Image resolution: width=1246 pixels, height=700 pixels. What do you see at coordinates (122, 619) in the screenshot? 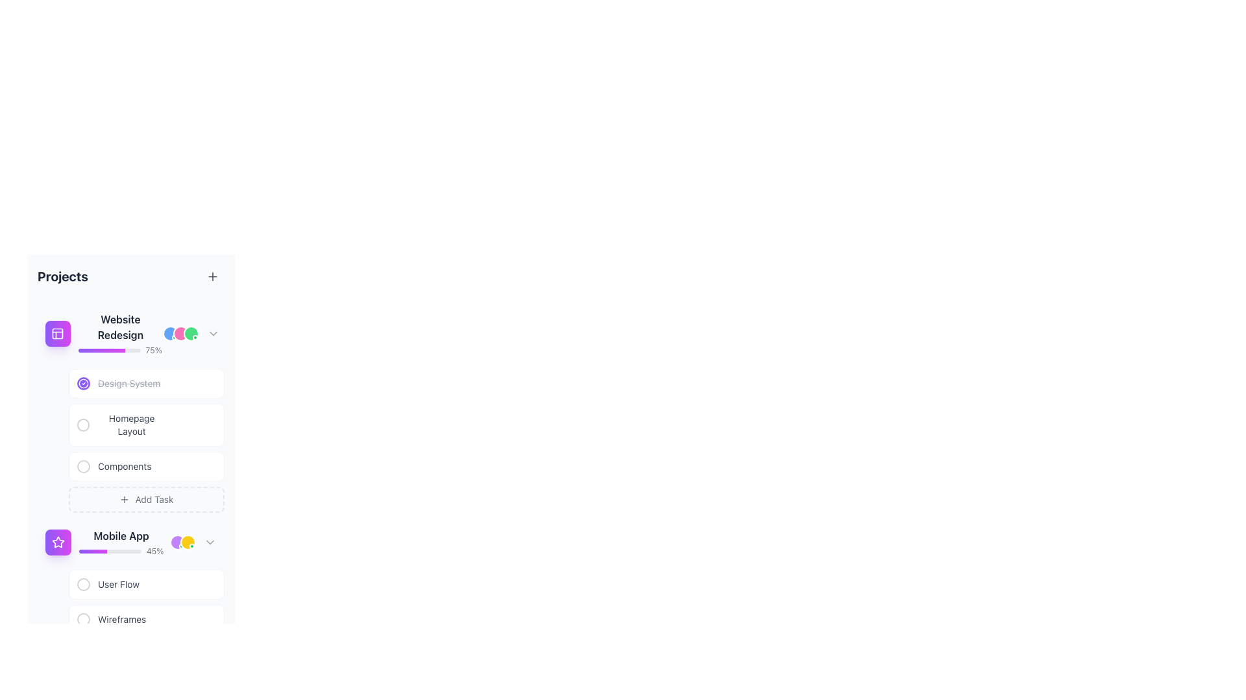
I see `the static text label displaying 'Wireframes' in gray color, which is positioned in the 'Mobile App' section of the left-side panel, adjacent to a circular checkbox` at bounding box center [122, 619].